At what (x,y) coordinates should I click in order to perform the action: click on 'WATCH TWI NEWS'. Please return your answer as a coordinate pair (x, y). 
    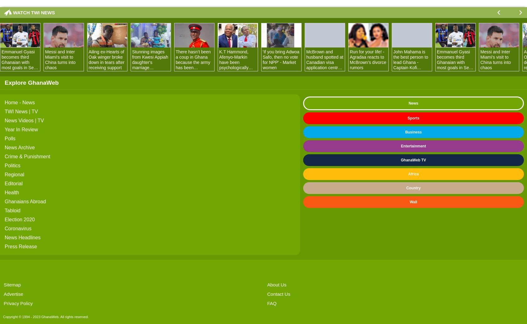
    Looking at the image, I should click on (33, 12).